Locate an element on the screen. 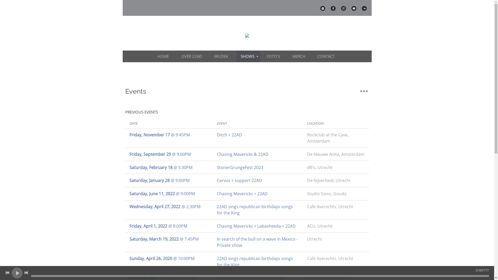 This screenshot has height=280, width=498. 'De Nijverheid, Utrecht' is located at coordinates (336, 180).